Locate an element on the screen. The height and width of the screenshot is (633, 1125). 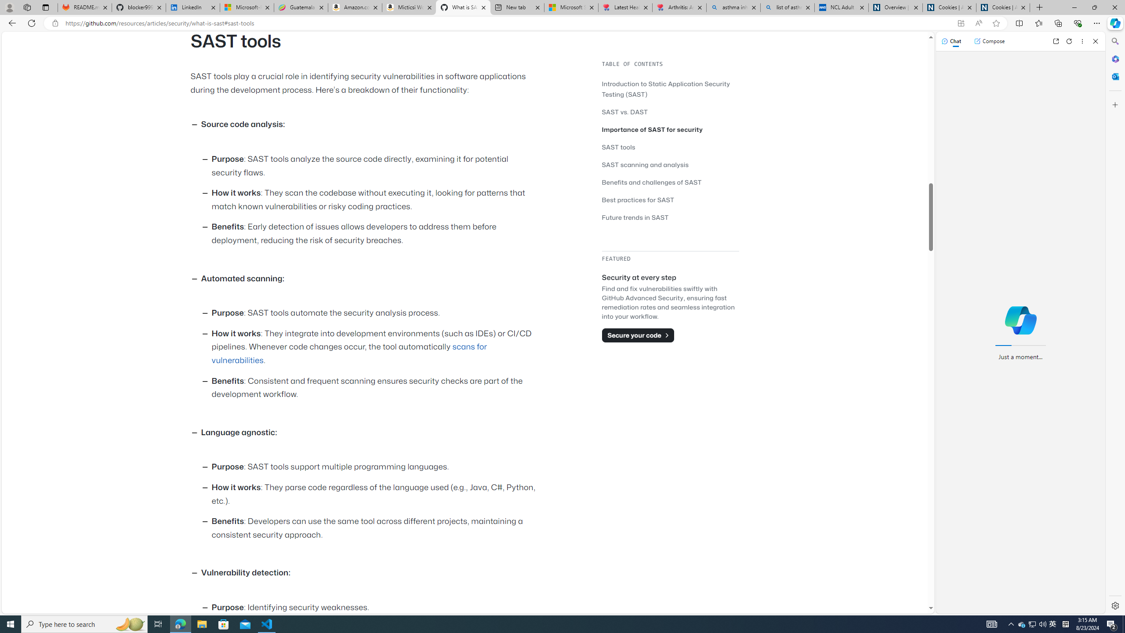
'NCL Adult Asthma Inhaler Choice Guideline' is located at coordinates (841, 7).